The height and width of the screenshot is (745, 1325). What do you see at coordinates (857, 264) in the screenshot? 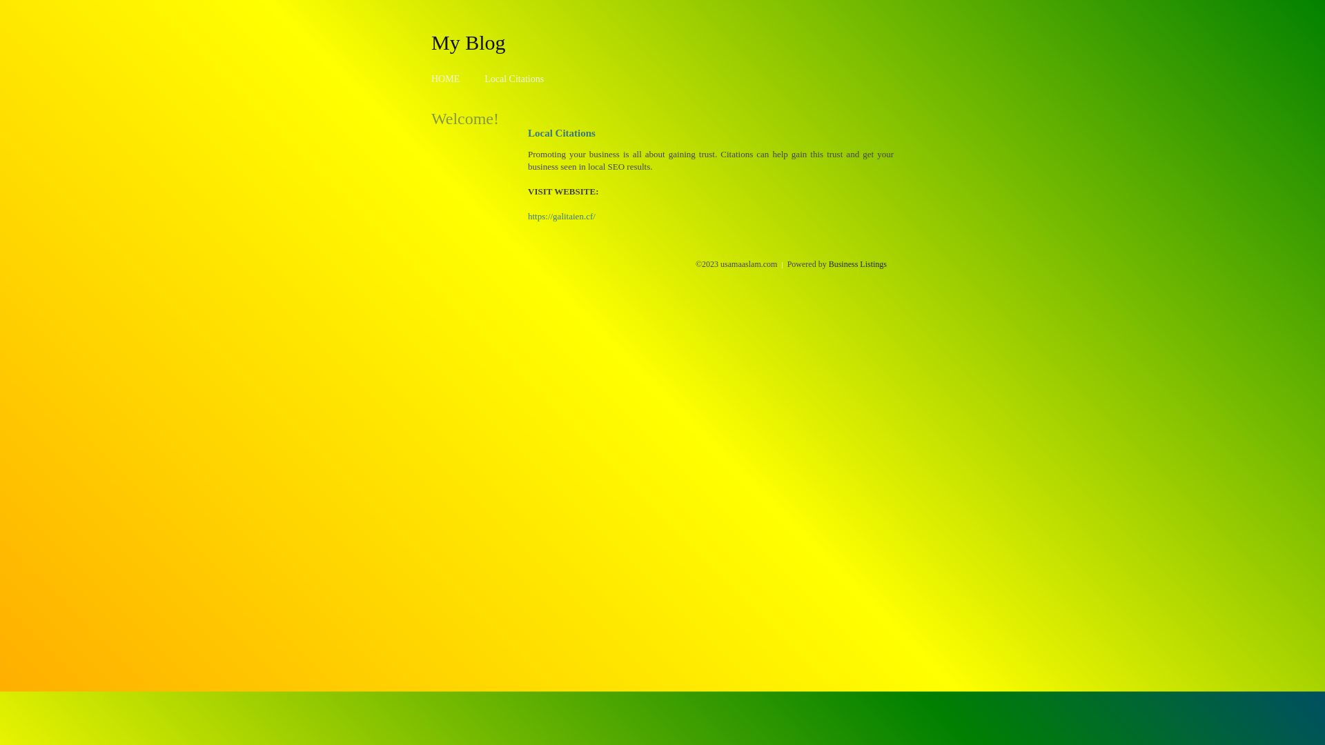
I see `'Business Listings'` at bounding box center [857, 264].